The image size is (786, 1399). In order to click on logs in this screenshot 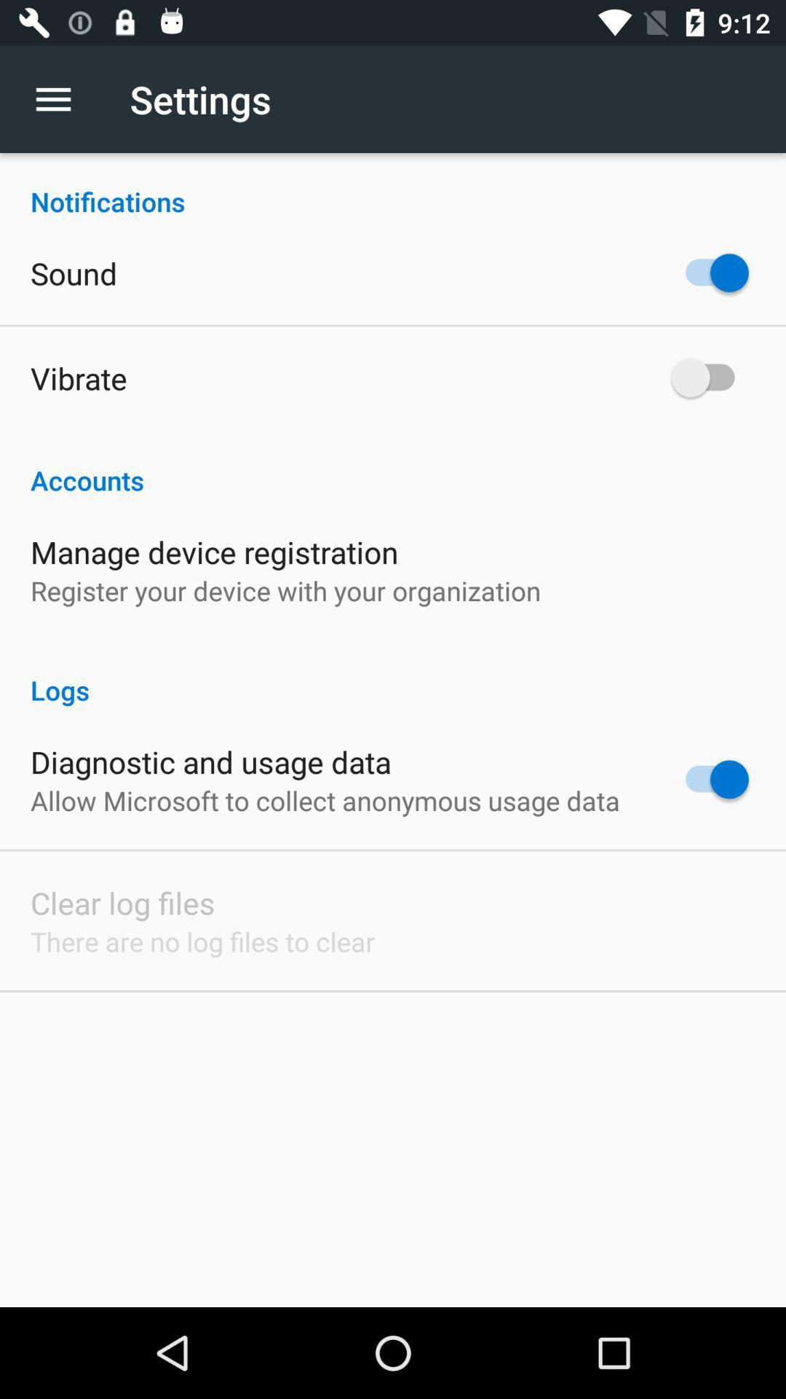, I will do `click(393, 674)`.